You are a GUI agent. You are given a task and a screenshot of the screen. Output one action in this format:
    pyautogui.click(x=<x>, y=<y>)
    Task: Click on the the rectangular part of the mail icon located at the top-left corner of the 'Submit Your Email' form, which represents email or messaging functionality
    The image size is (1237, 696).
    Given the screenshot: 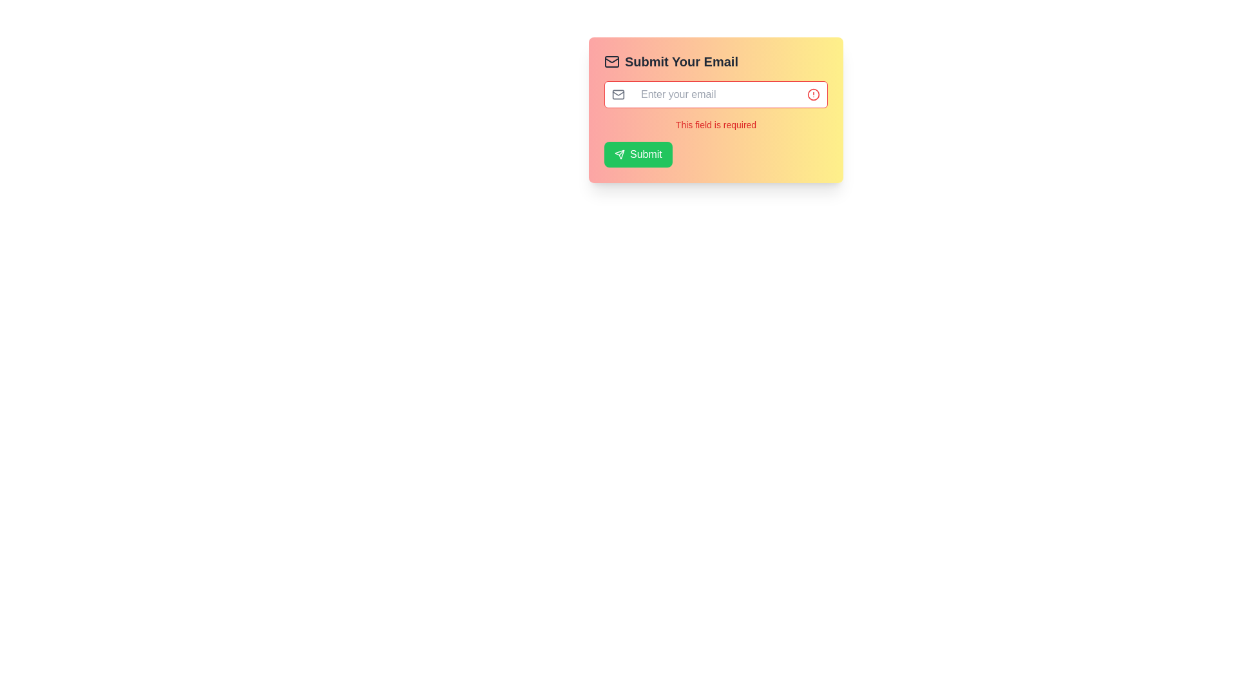 What is the action you would take?
    pyautogui.click(x=611, y=62)
    